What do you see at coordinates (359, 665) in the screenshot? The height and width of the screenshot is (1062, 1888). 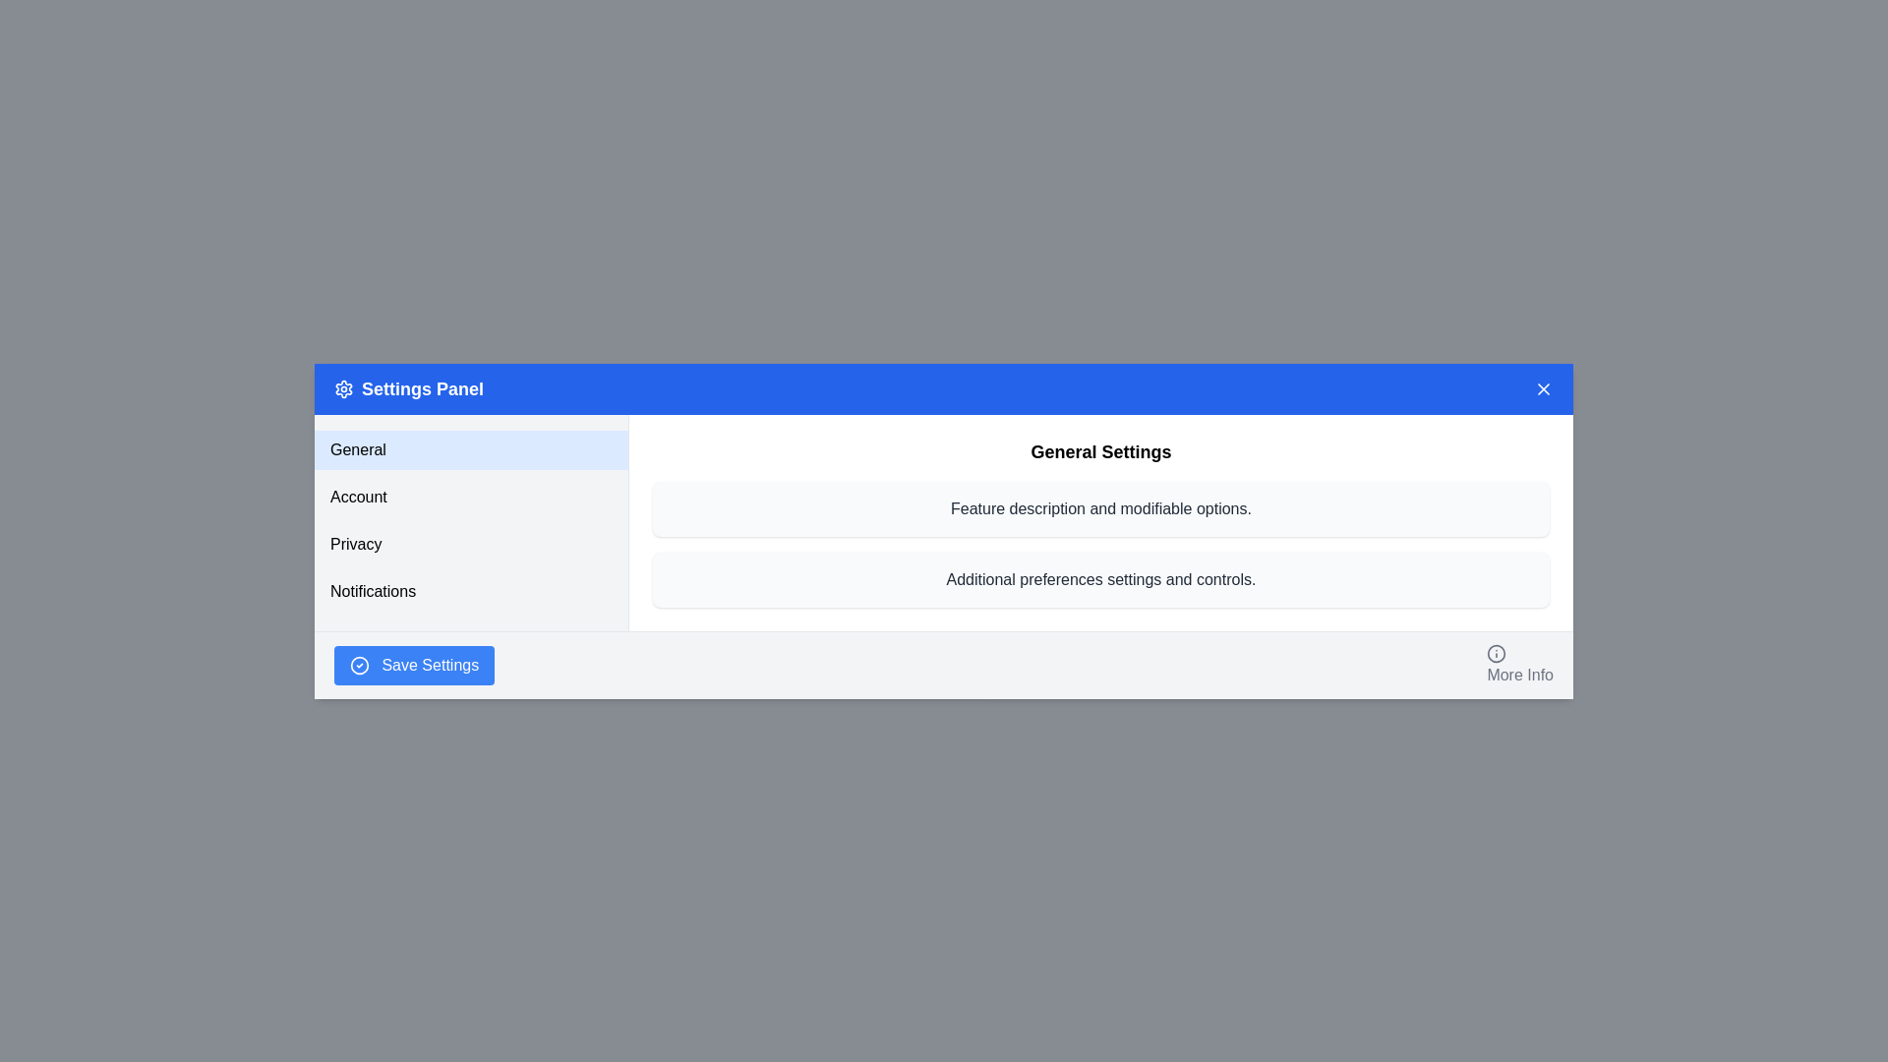 I see `the decorative circular backdrop element inside the 'Save Settings' button located at the bottom left of the interface` at bounding box center [359, 665].